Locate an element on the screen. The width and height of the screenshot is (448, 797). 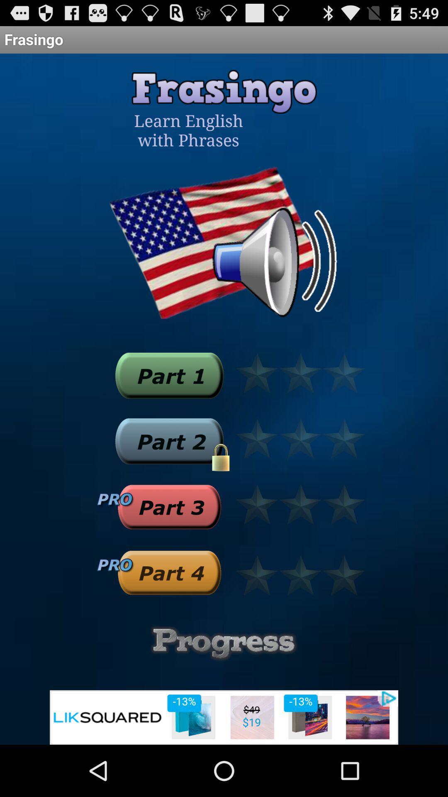
advertisement page is located at coordinates (224, 717).